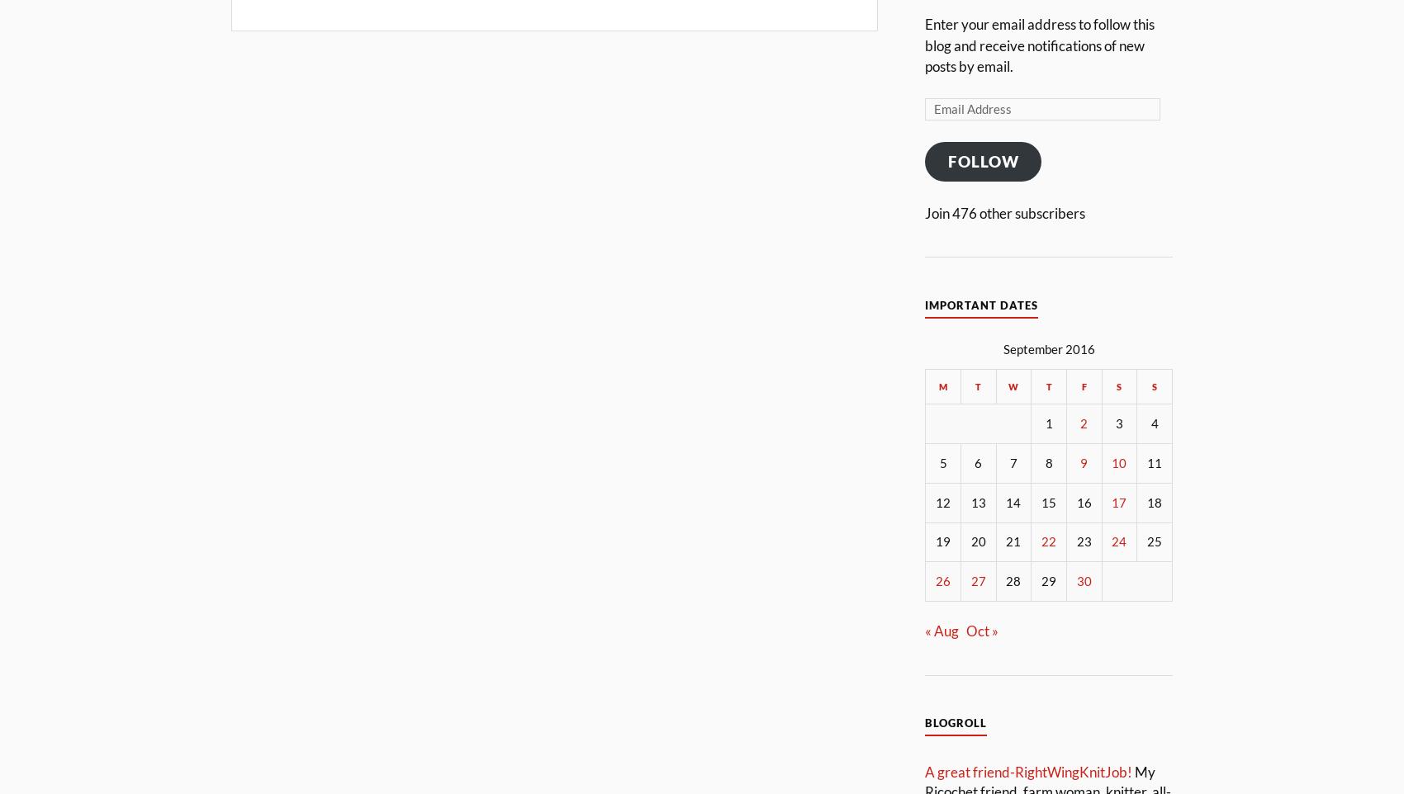  I want to click on 'W', so click(1013, 385).